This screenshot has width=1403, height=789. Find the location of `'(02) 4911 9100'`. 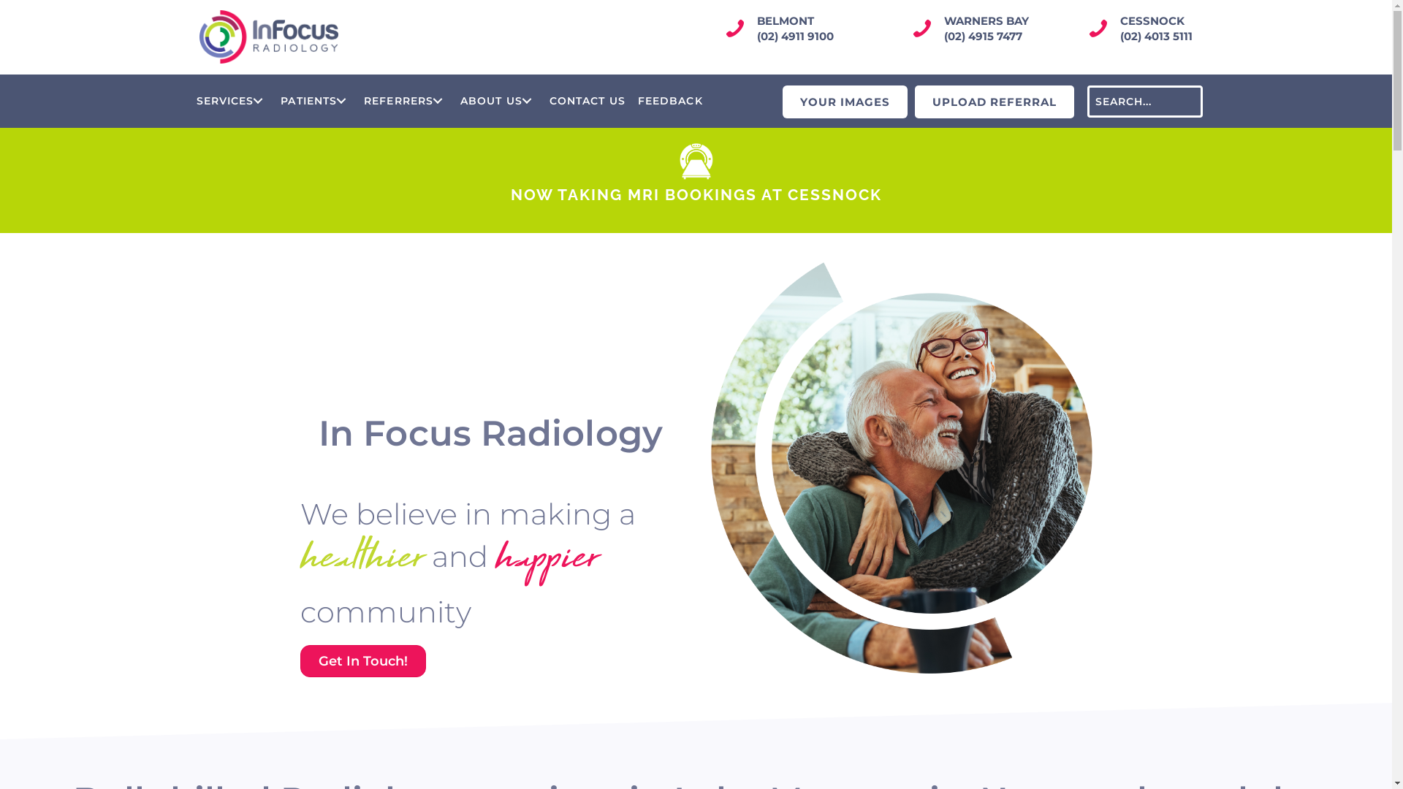

'(02) 4911 9100' is located at coordinates (757, 35).